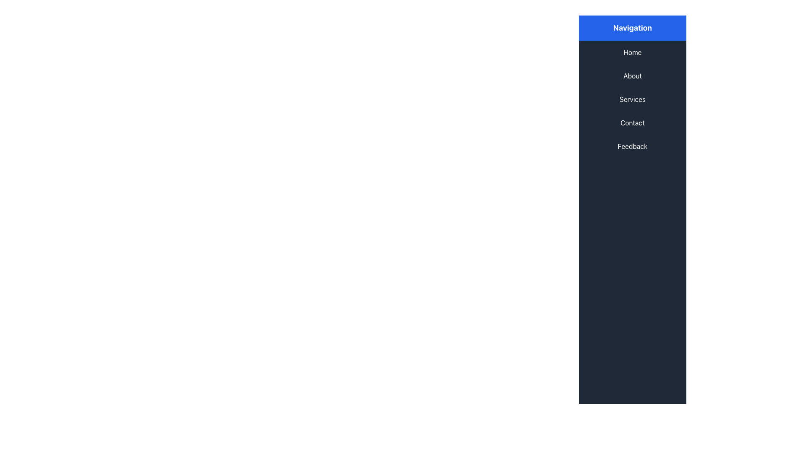 This screenshot has width=806, height=453. I want to click on the 'Feedback' button, which is the last item in the vertical sidebar menu with a dark background and white text, so click(633, 146).